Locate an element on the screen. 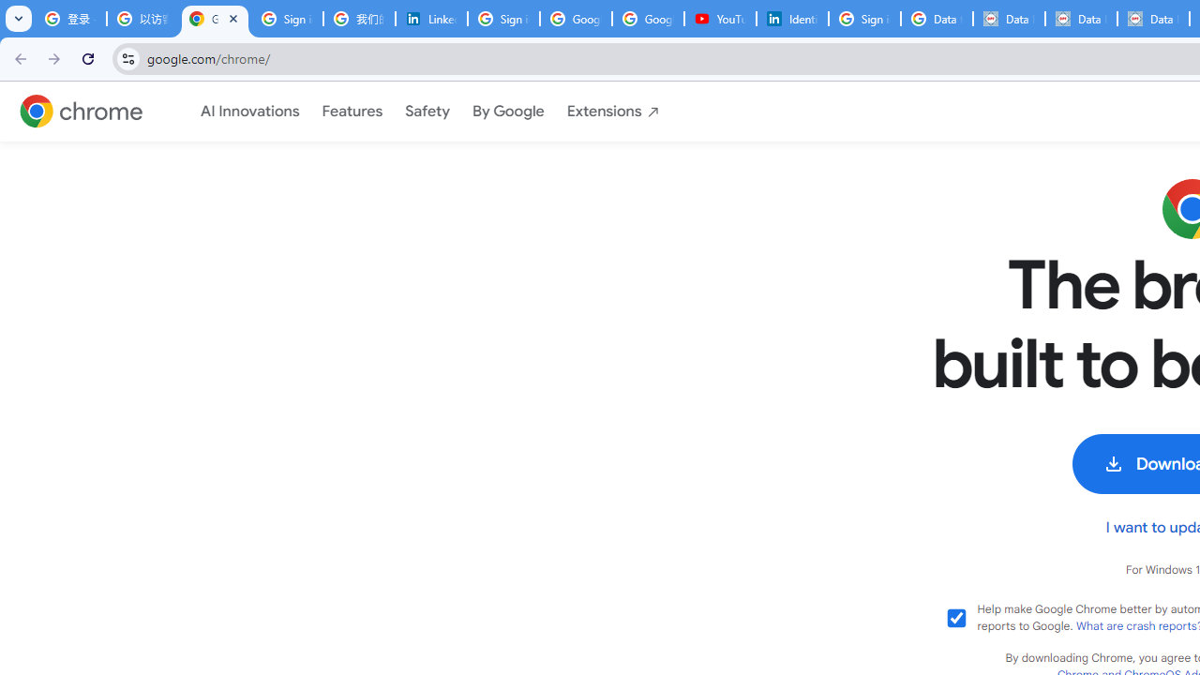  'LinkedIn Privacy Policy' is located at coordinates (430, 19).